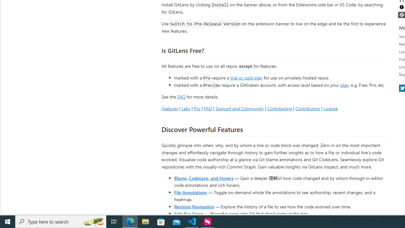 The image size is (405, 228). What do you see at coordinates (330, 108) in the screenshot?
I see `'License'` at bounding box center [330, 108].